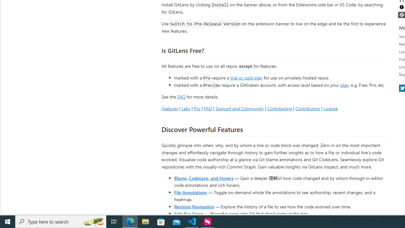 The image size is (405, 228). What do you see at coordinates (330, 108) in the screenshot?
I see `'License'` at bounding box center [330, 108].